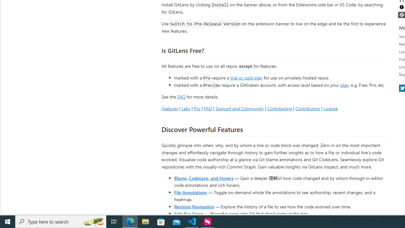 The image size is (405, 228). What do you see at coordinates (330, 108) in the screenshot?
I see `'License'` at bounding box center [330, 108].